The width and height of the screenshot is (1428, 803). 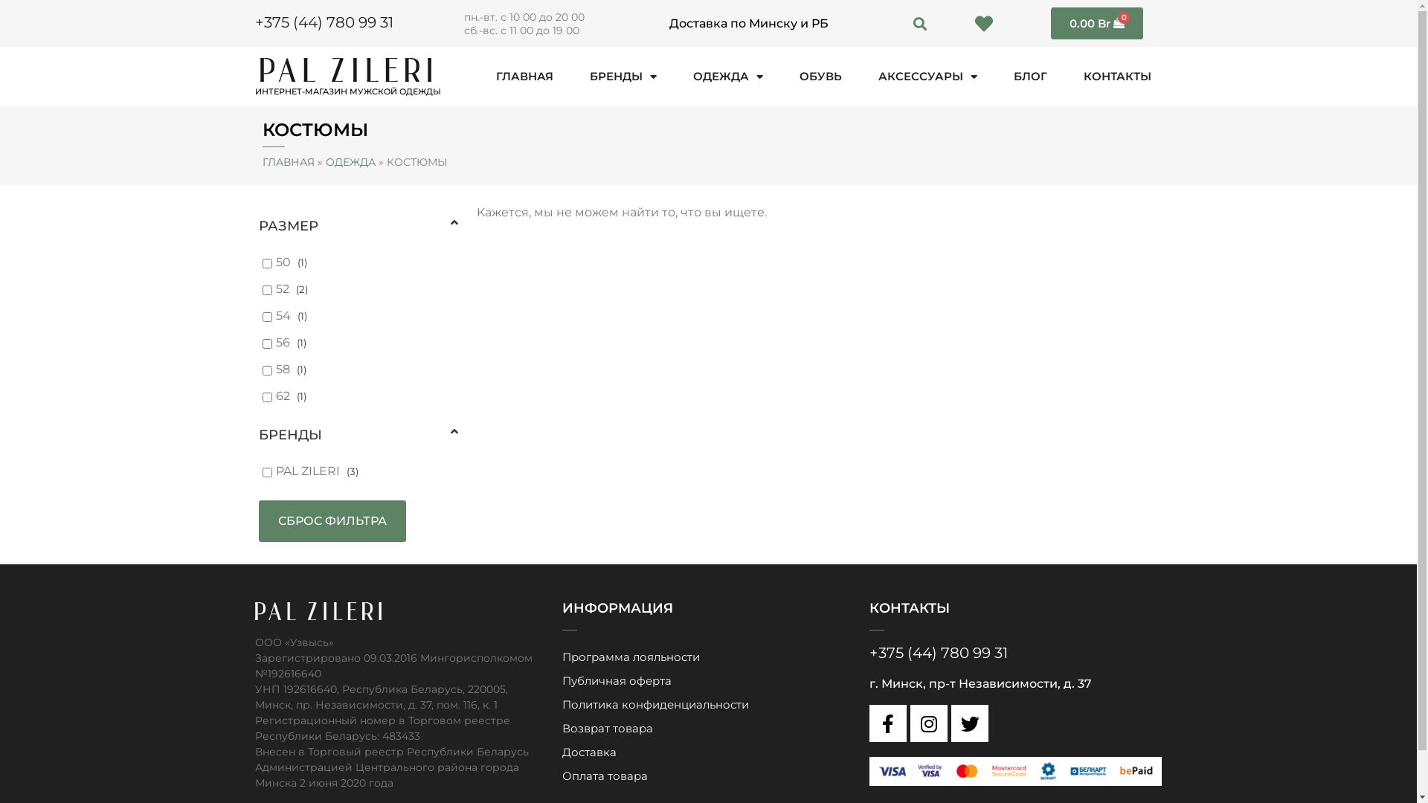 I want to click on '+375 (44) 780 99 31', so click(x=323, y=22).